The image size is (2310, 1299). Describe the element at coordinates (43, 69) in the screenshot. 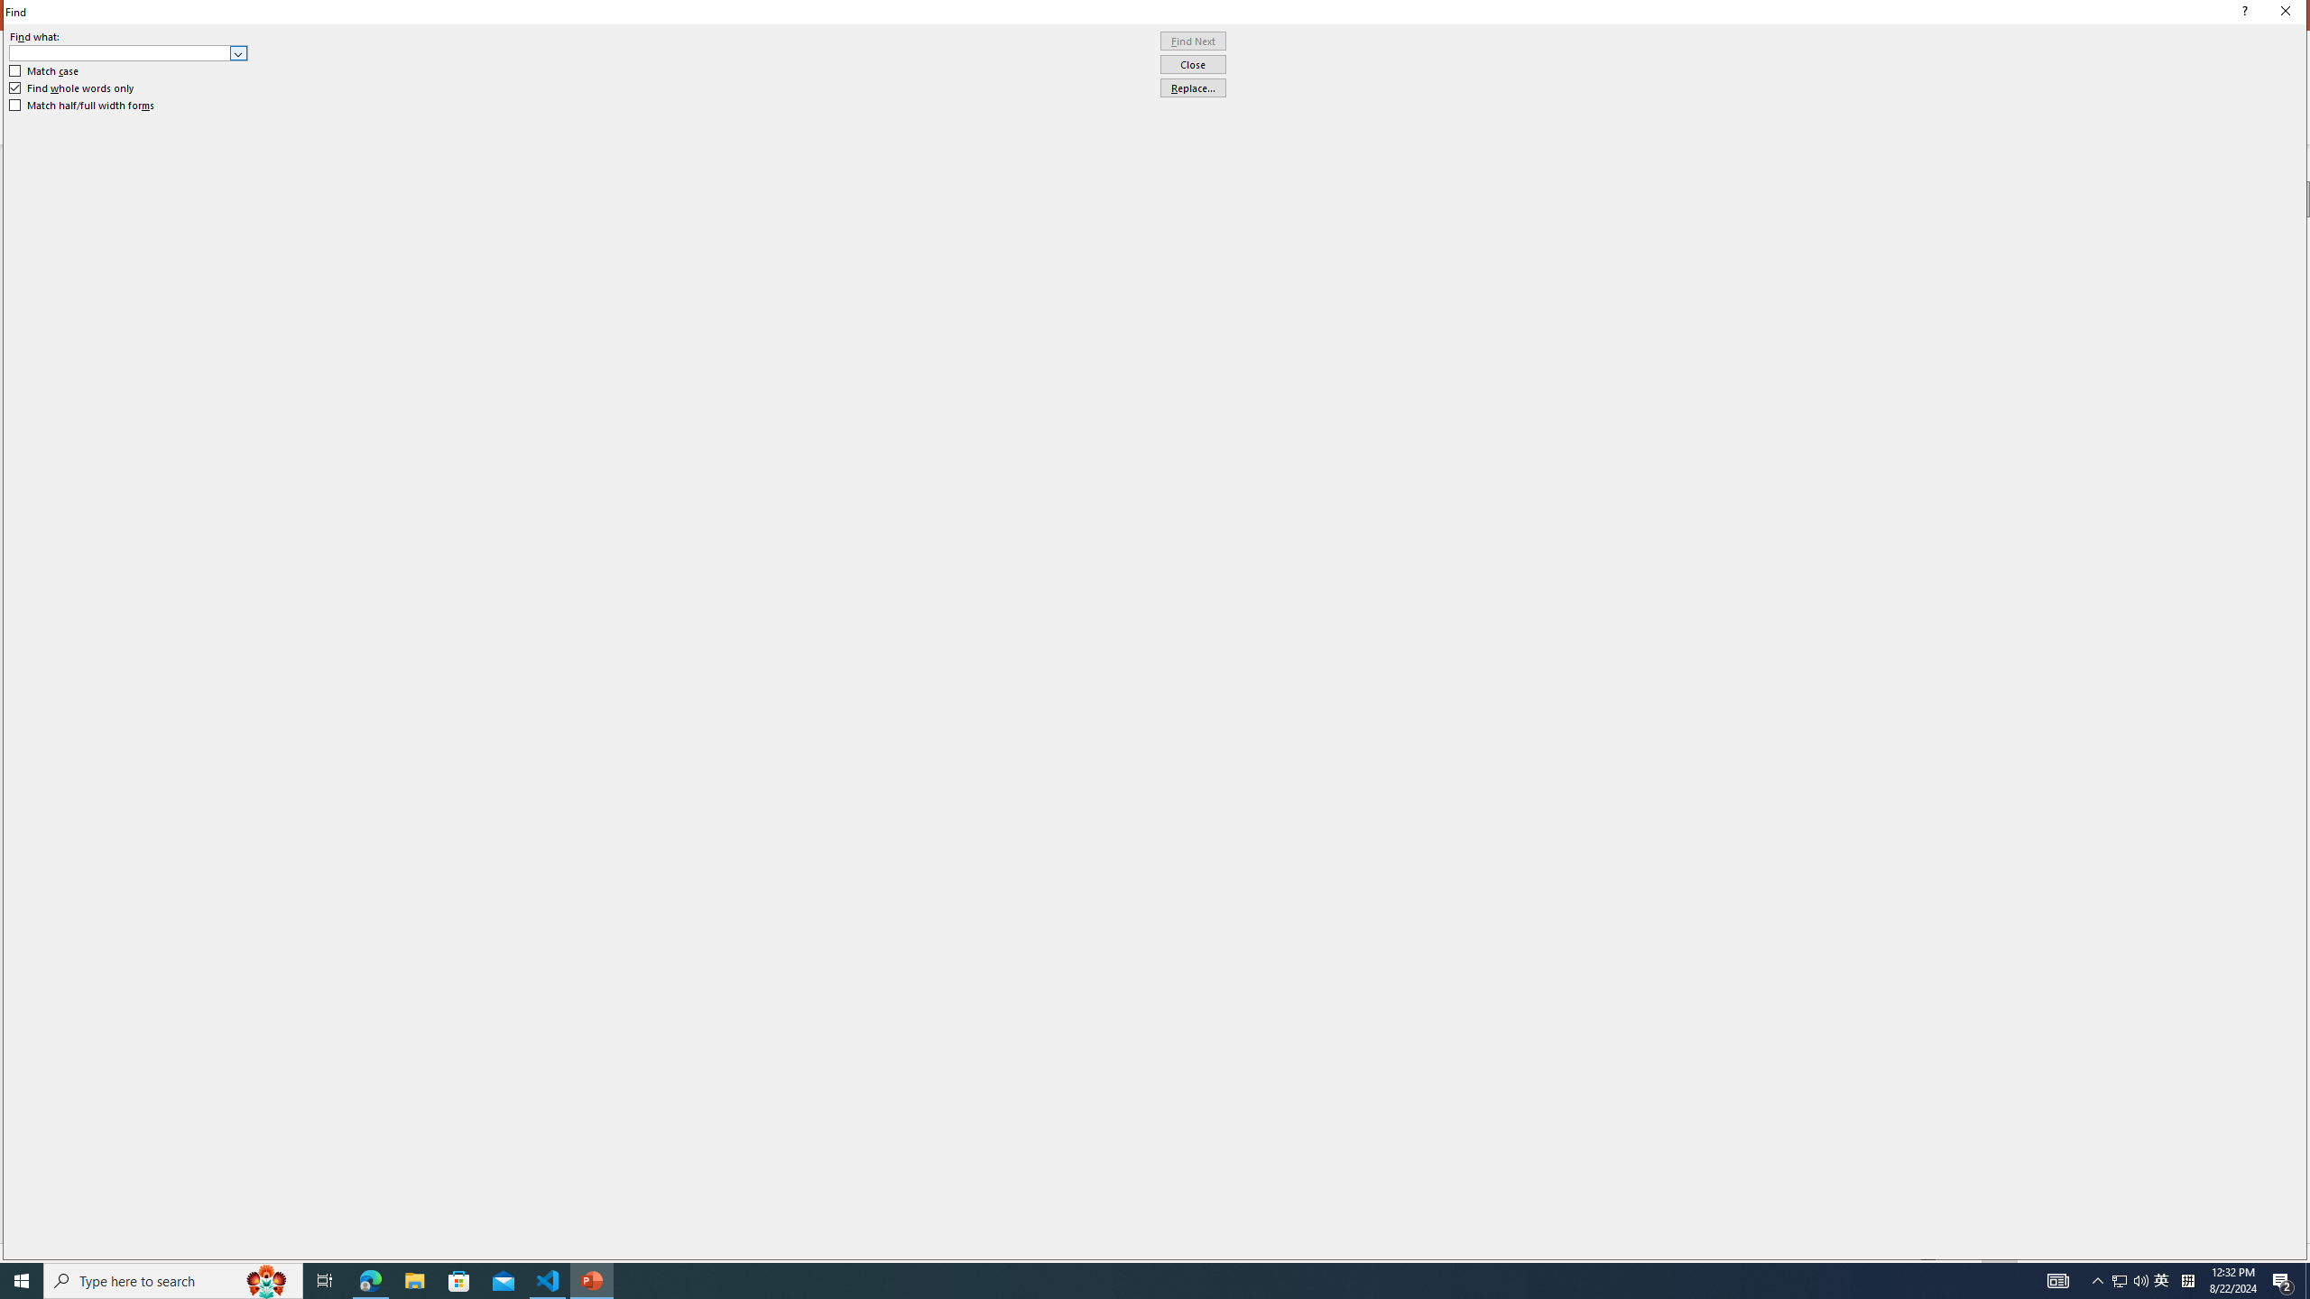

I see `'Match case'` at that location.